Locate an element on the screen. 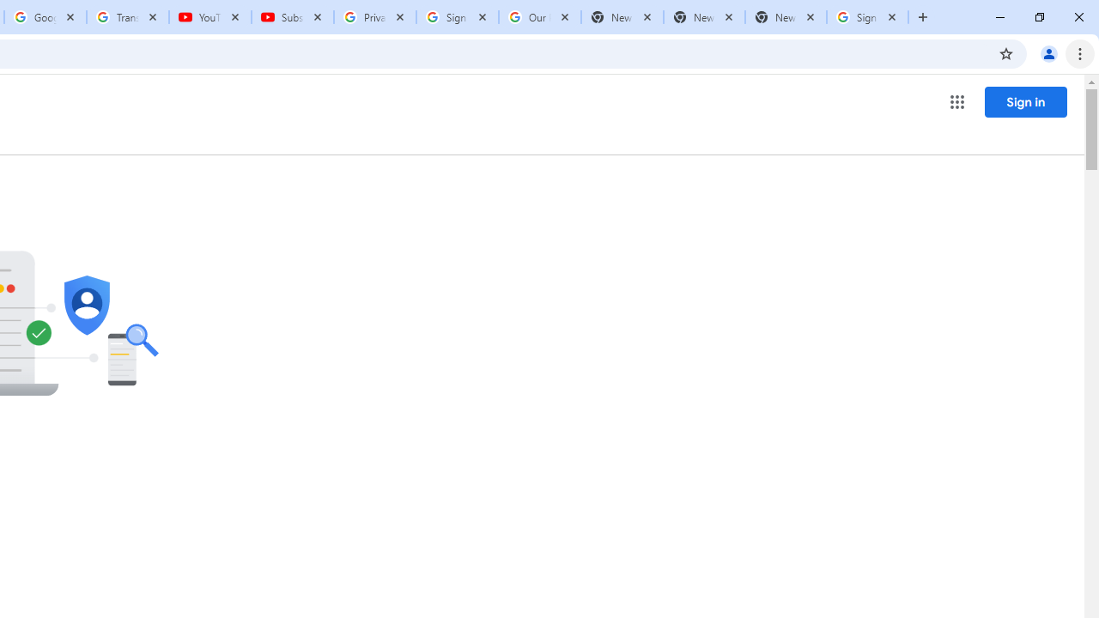  'YouTube' is located at coordinates (209, 17).